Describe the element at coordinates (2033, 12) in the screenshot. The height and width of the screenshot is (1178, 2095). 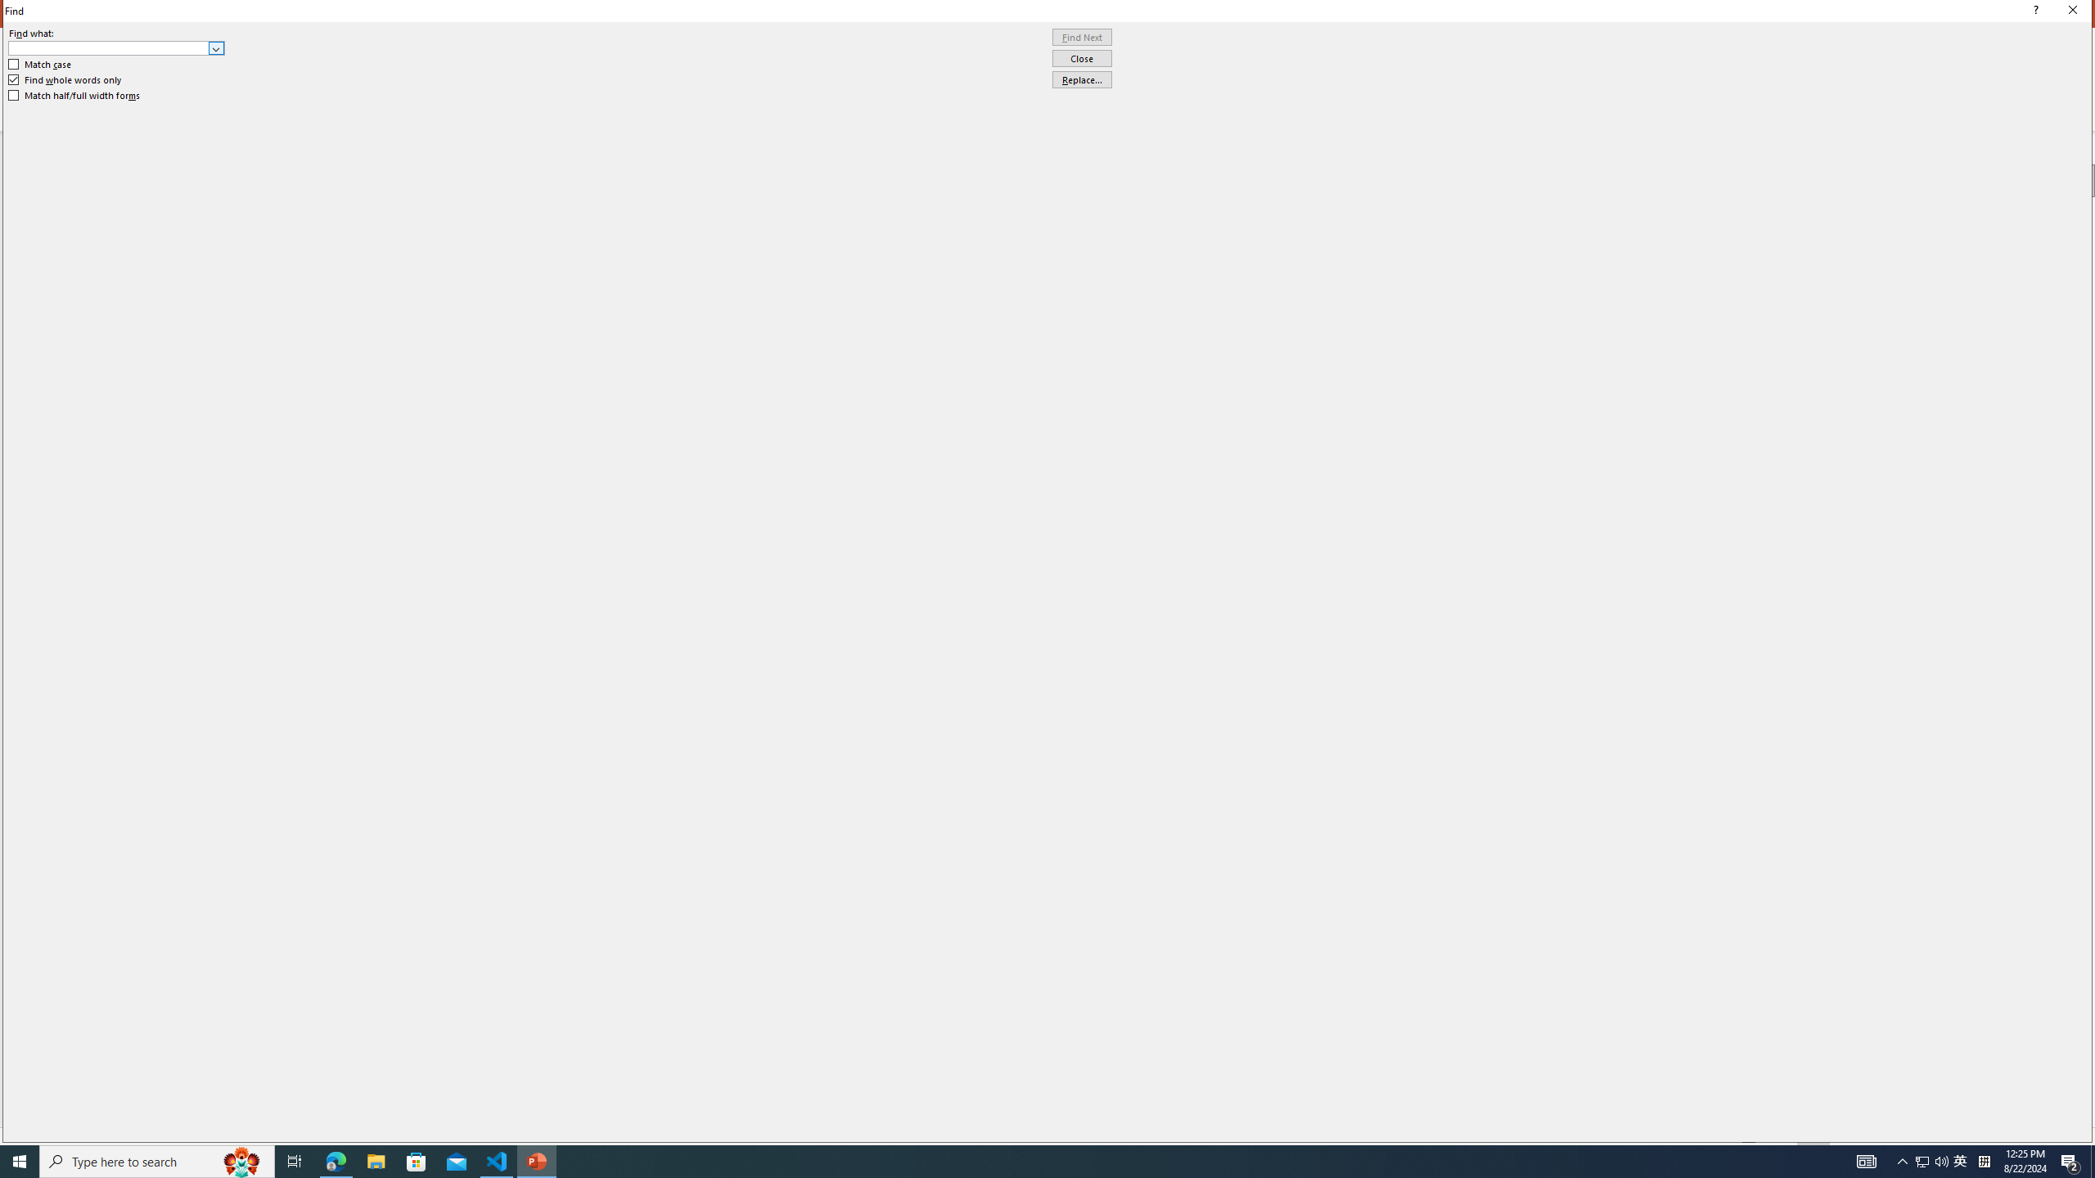
I see `'Context help'` at that location.